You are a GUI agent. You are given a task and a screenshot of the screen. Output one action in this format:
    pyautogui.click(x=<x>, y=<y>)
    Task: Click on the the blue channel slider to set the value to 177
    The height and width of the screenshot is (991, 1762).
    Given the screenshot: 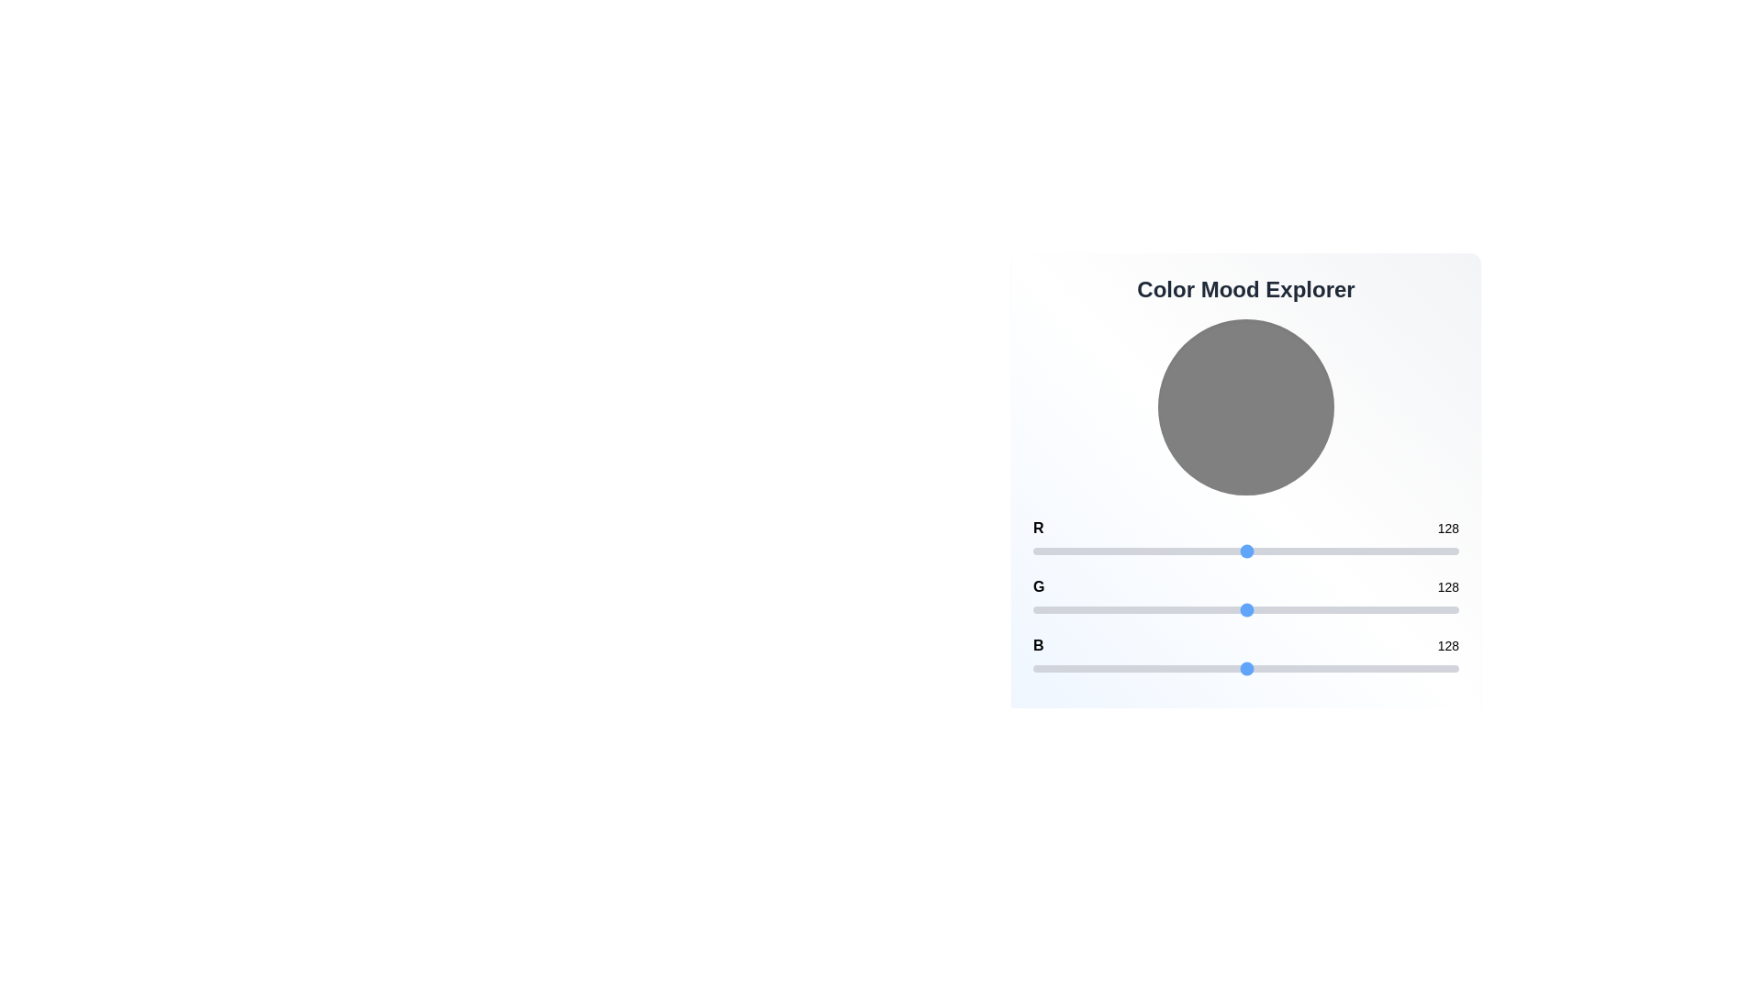 What is the action you would take?
    pyautogui.click(x=1329, y=669)
    